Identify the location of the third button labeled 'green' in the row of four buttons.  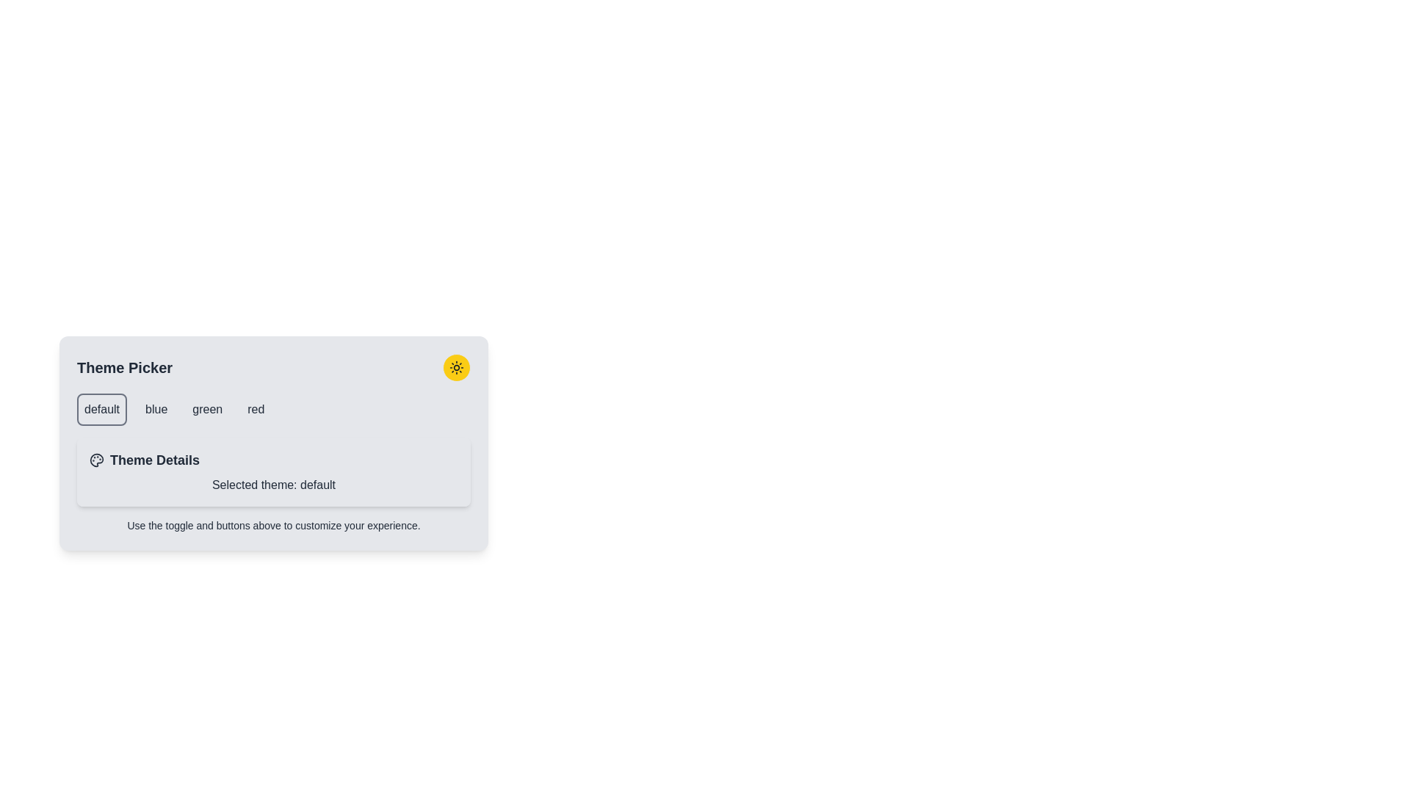
(206, 410).